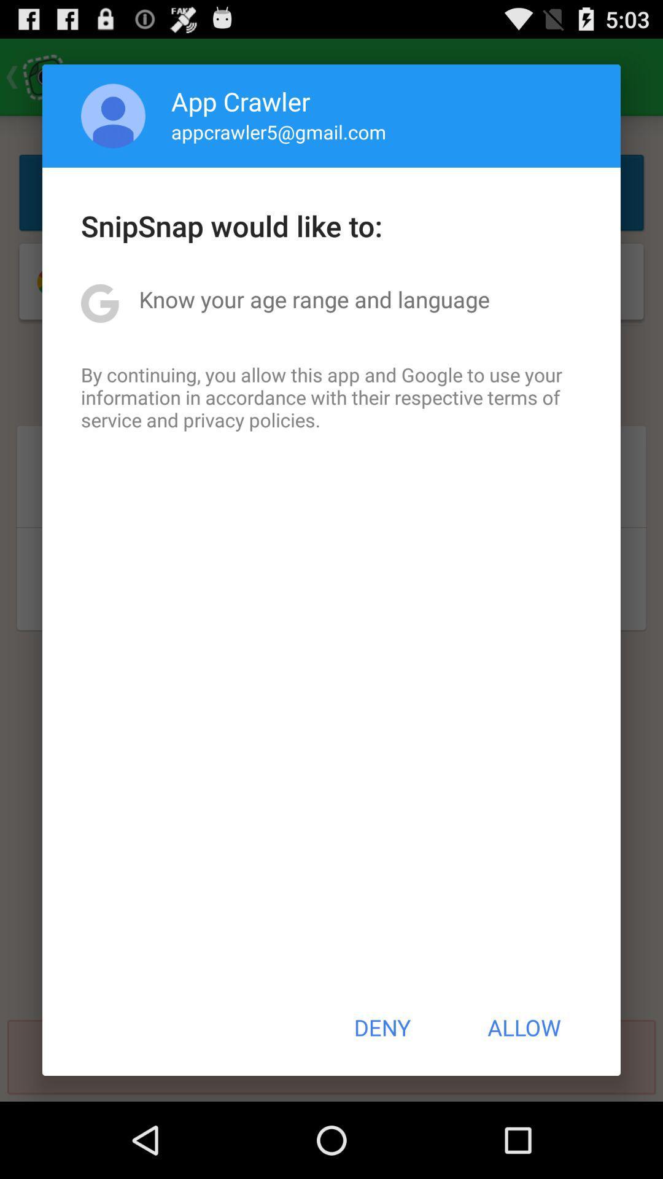 Image resolution: width=663 pixels, height=1179 pixels. What do you see at coordinates (113, 115) in the screenshot?
I see `the app next to the app crawler app` at bounding box center [113, 115].